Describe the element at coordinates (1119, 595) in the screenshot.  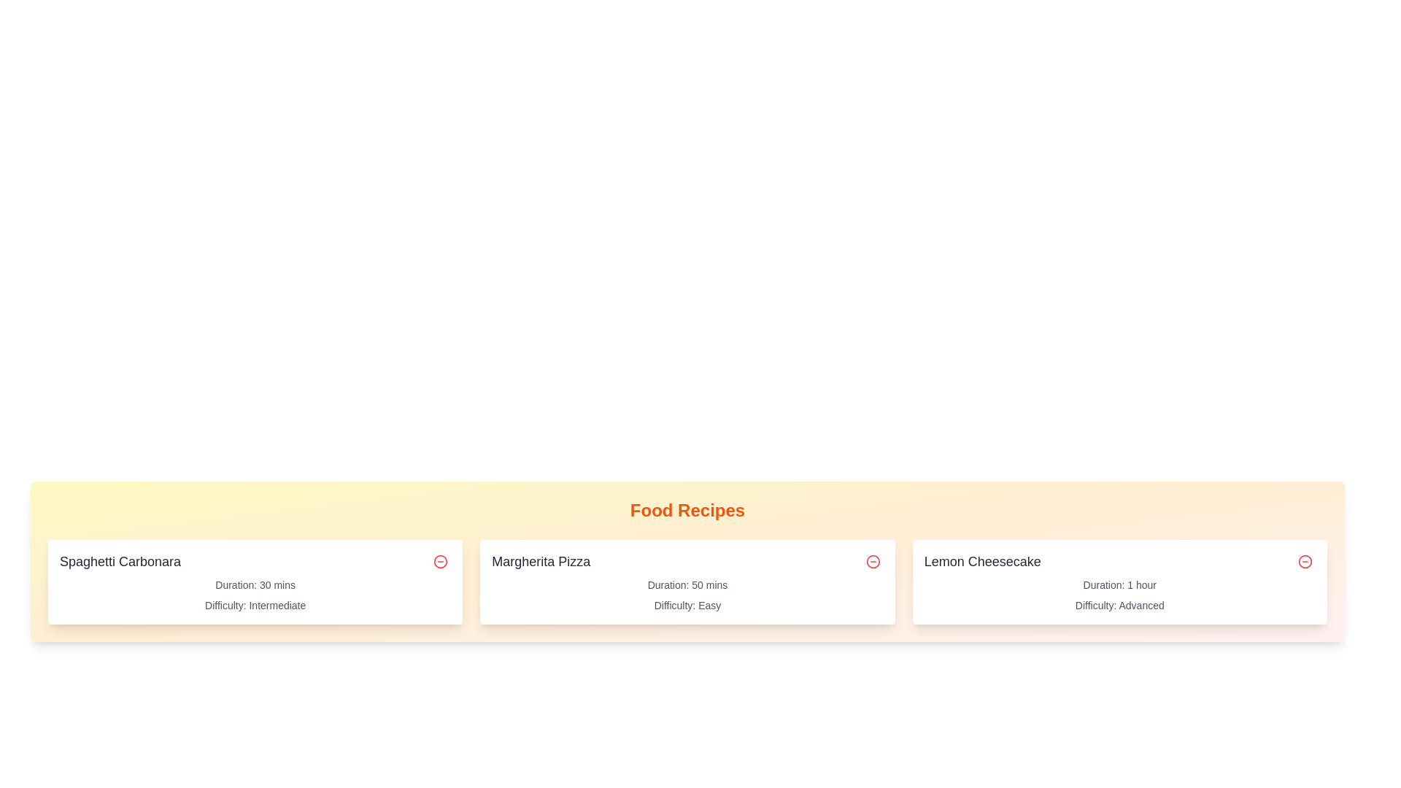
I see `the text element displaying 'Duration: 1 hour' and 'Difficulty: Advanced' located within the 'Lemon Cheesecake' card, below its title` at that location.